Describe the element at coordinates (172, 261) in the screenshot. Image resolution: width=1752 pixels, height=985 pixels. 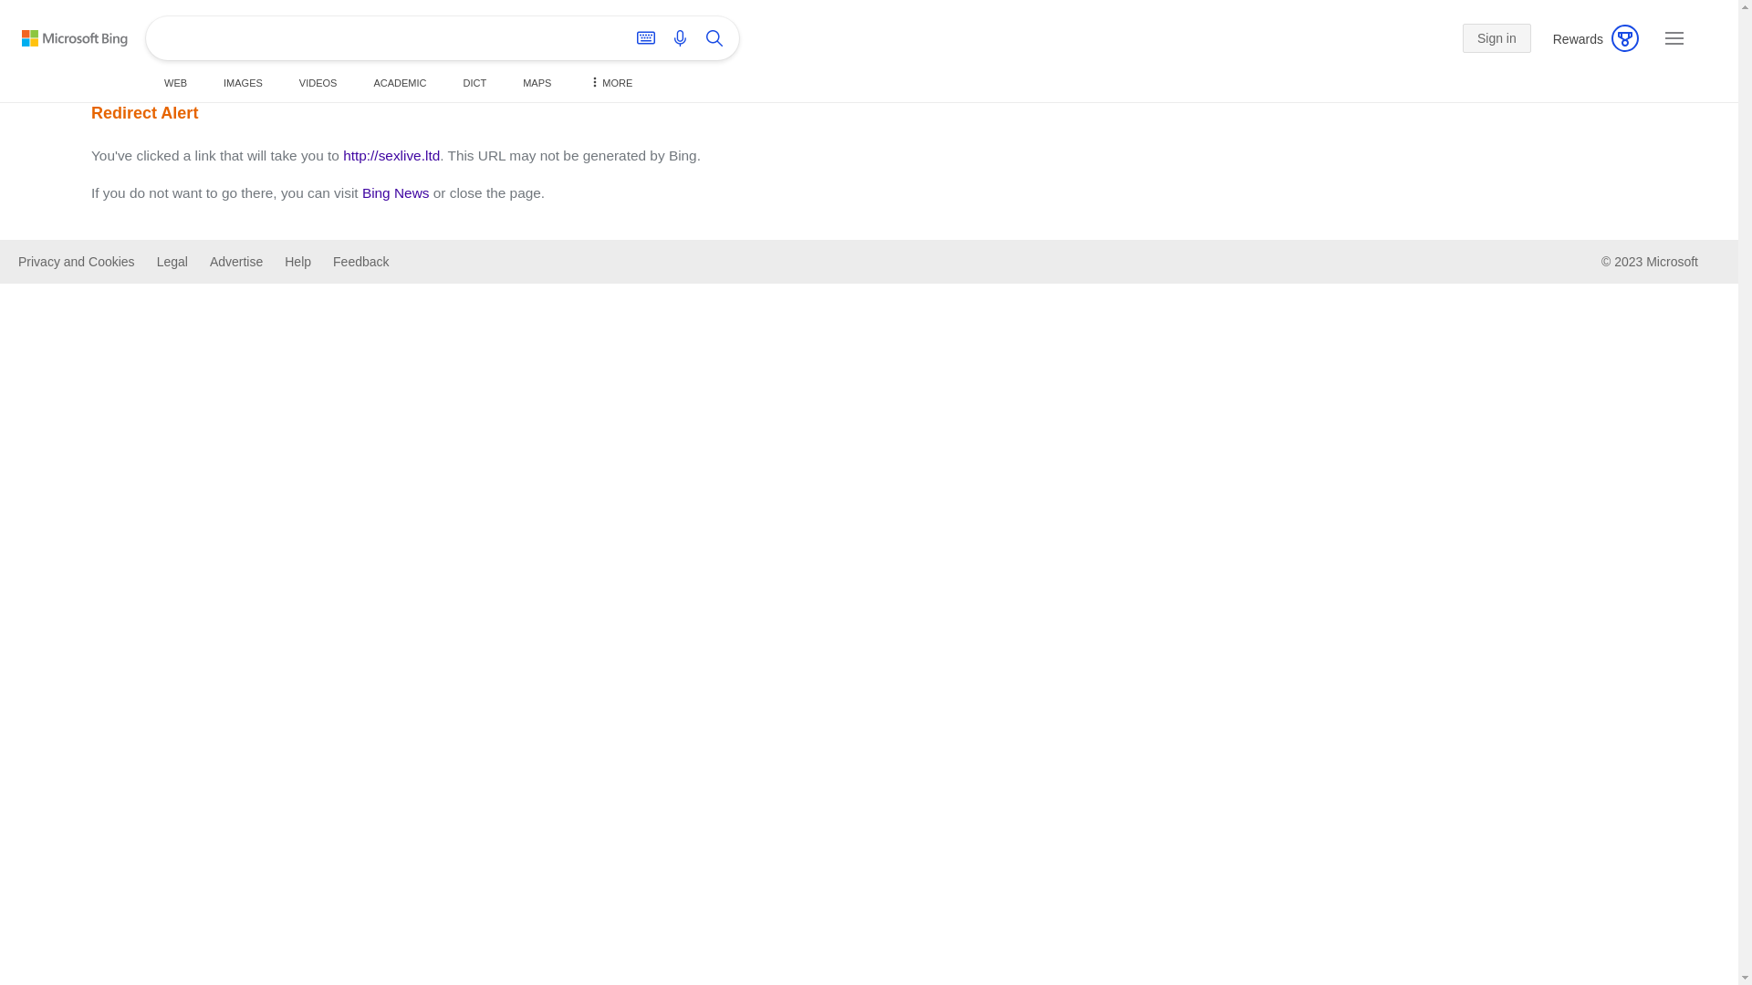
I see `'Legal'` at that location.